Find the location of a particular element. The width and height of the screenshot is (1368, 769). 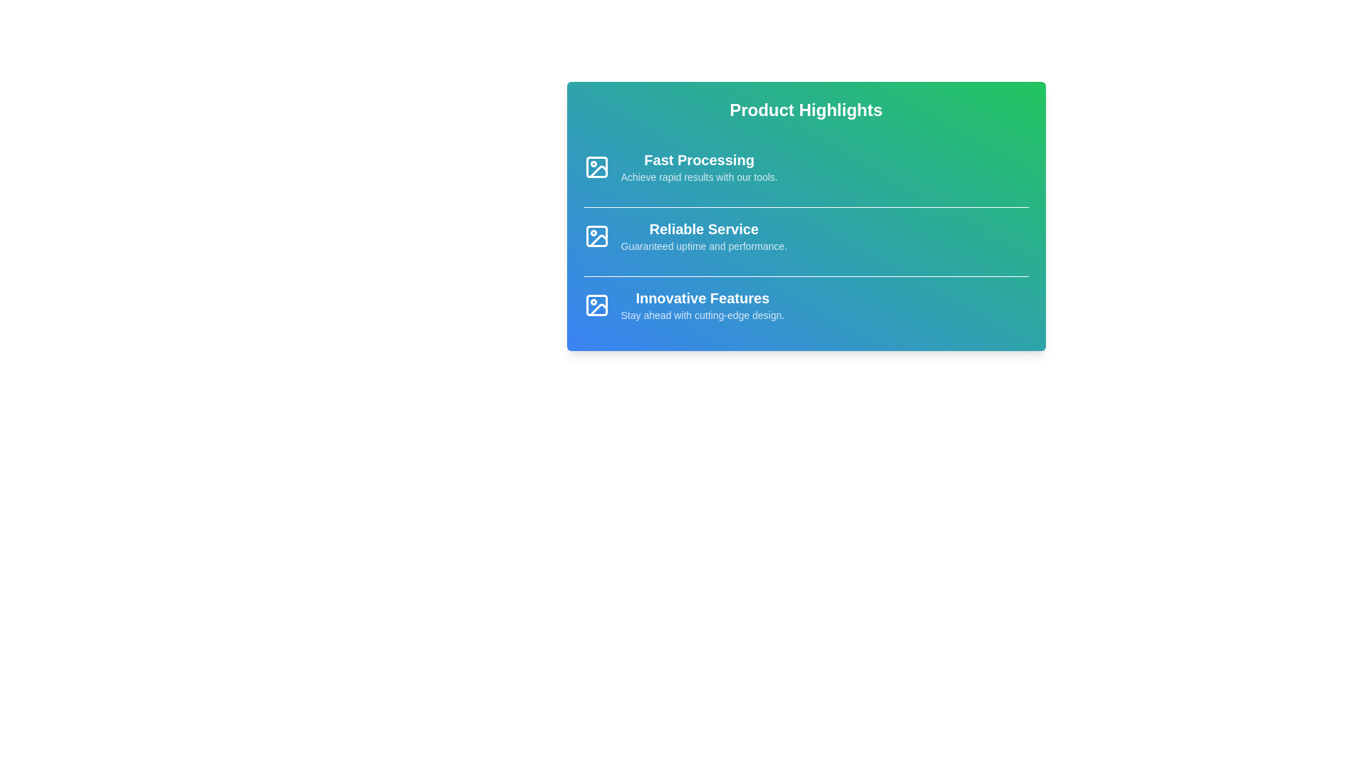

the Text Block element displaying 'Fast Processing', which is the first item in a vertical list and positioned on the right side of a small icon is located at coordinates (699, 167).